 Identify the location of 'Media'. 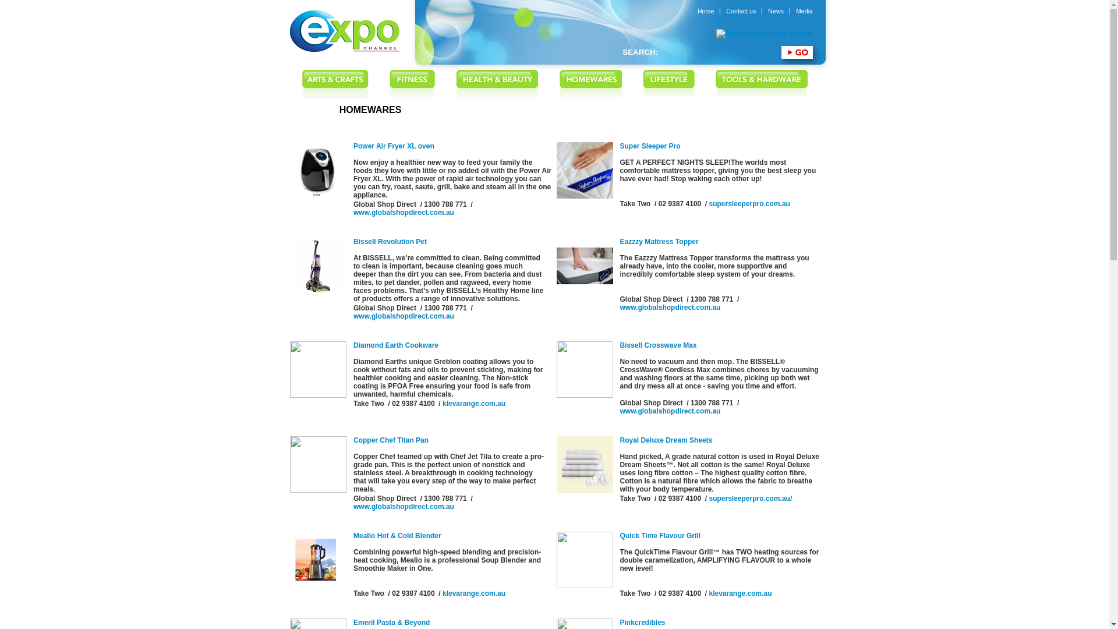
(804, 11).